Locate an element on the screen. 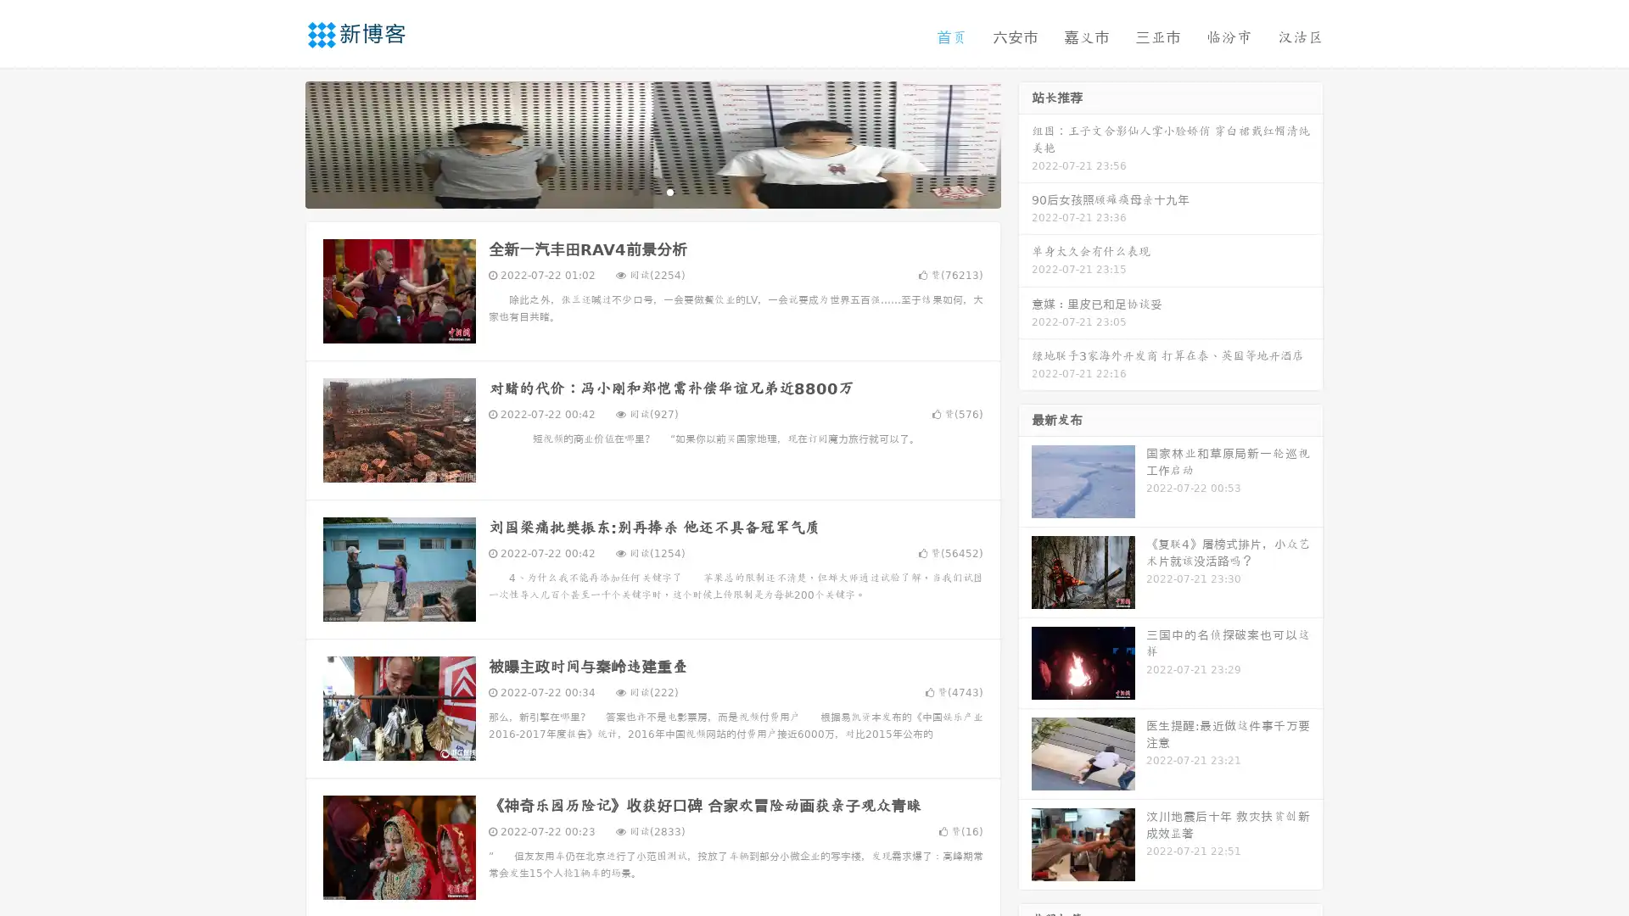 The width and height of the screenshot is (1629, 916). Go to slide 3 is located at coordinates (669, 191).